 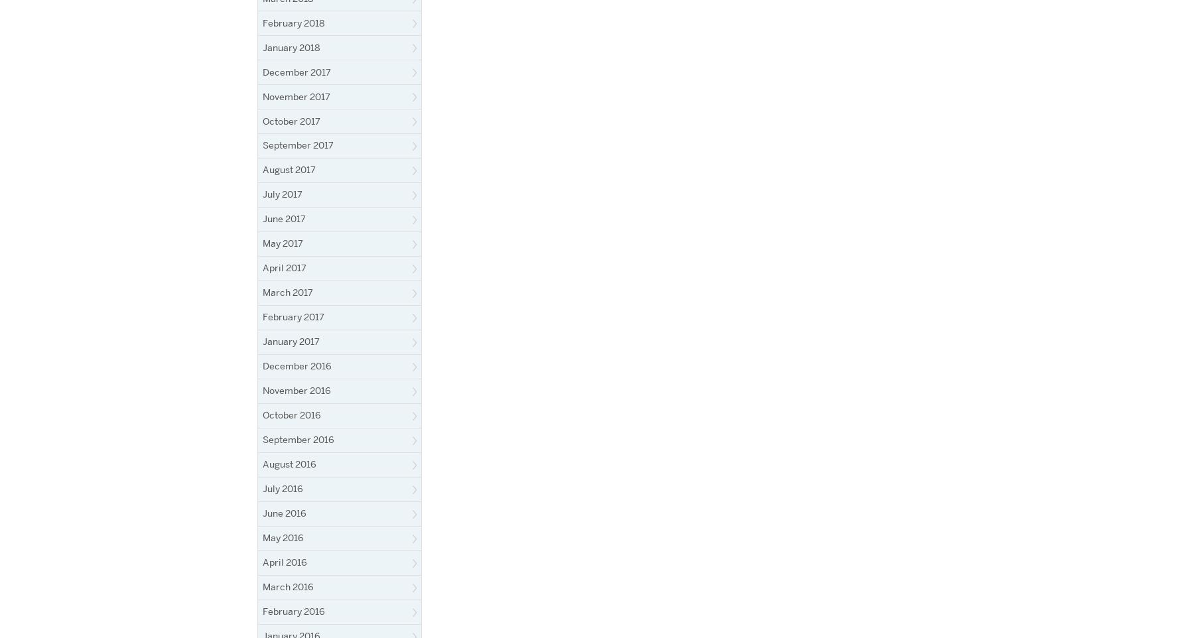 I want to click on 'October 2016', so click(x=291, y=414).